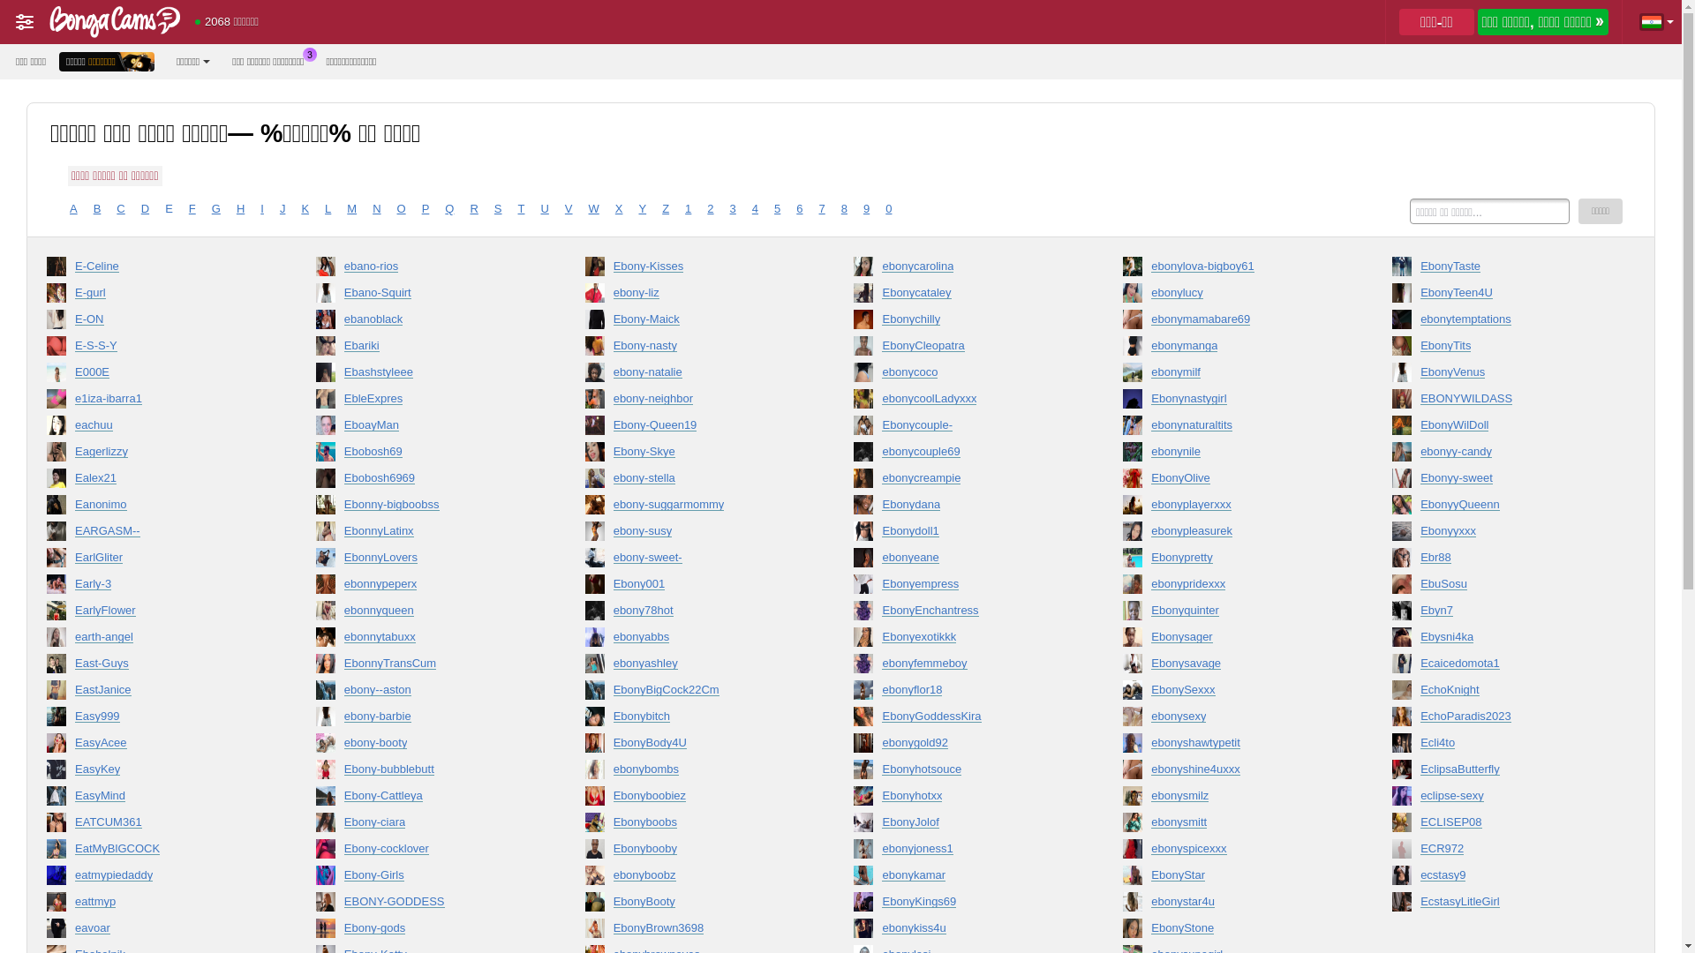  What do you see at coordinates (156, 295) in the screenshot?
I see `'E-gurl'` at bounding box center [156, 295].